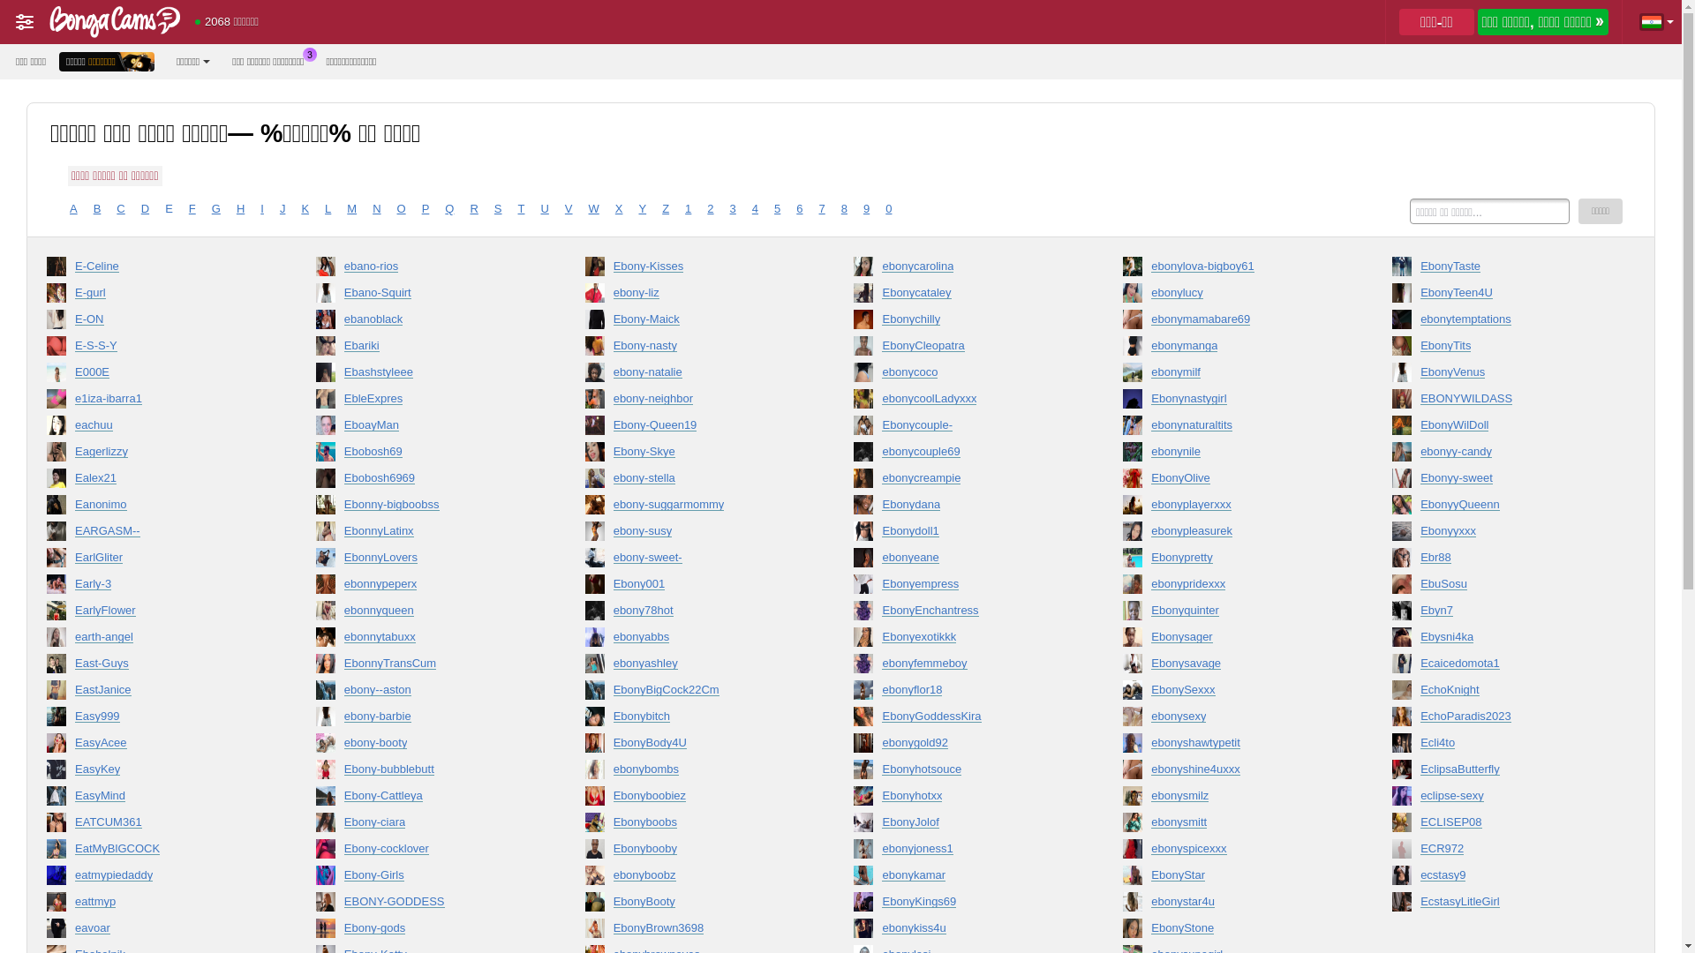  What do you see at coordinates (156, 295) in the screenshot?
I see `'E-gurl'` at bounding box center [156, 295].